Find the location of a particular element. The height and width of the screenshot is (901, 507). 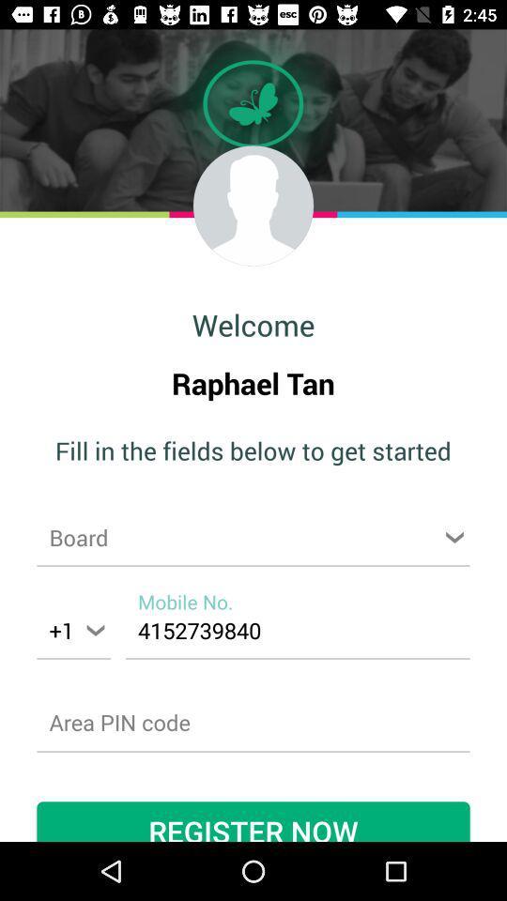

password page is located at coordinates (253, 722).